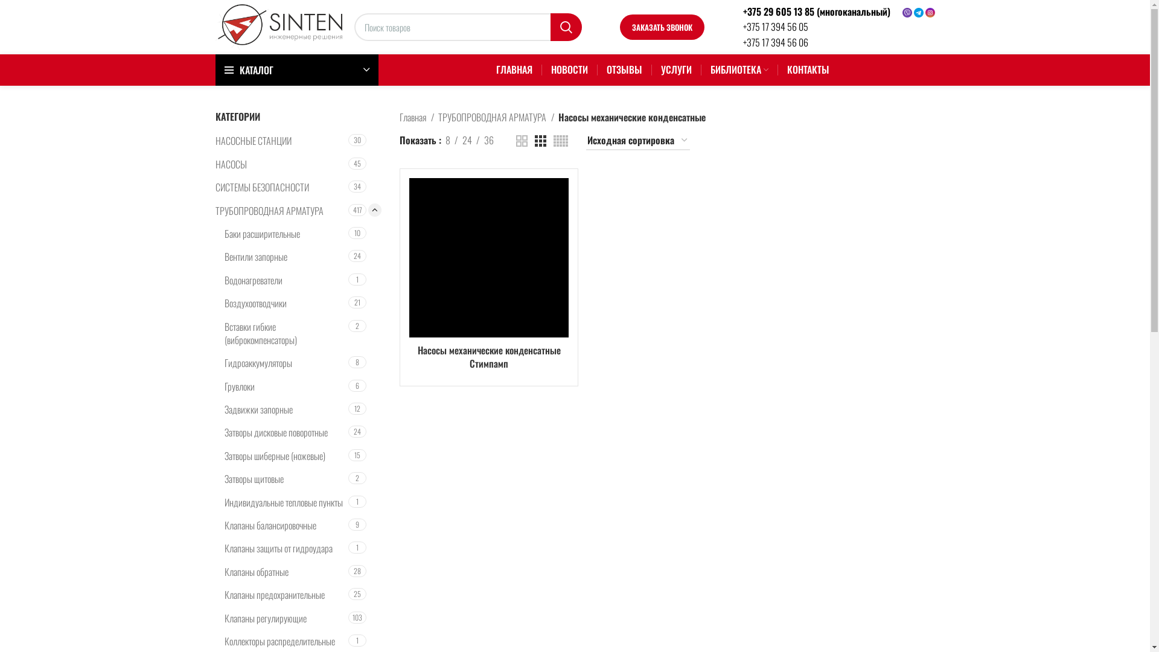 The height and width of the screenshot is (652, 1159). I want to click on '8', so click(447, 139).